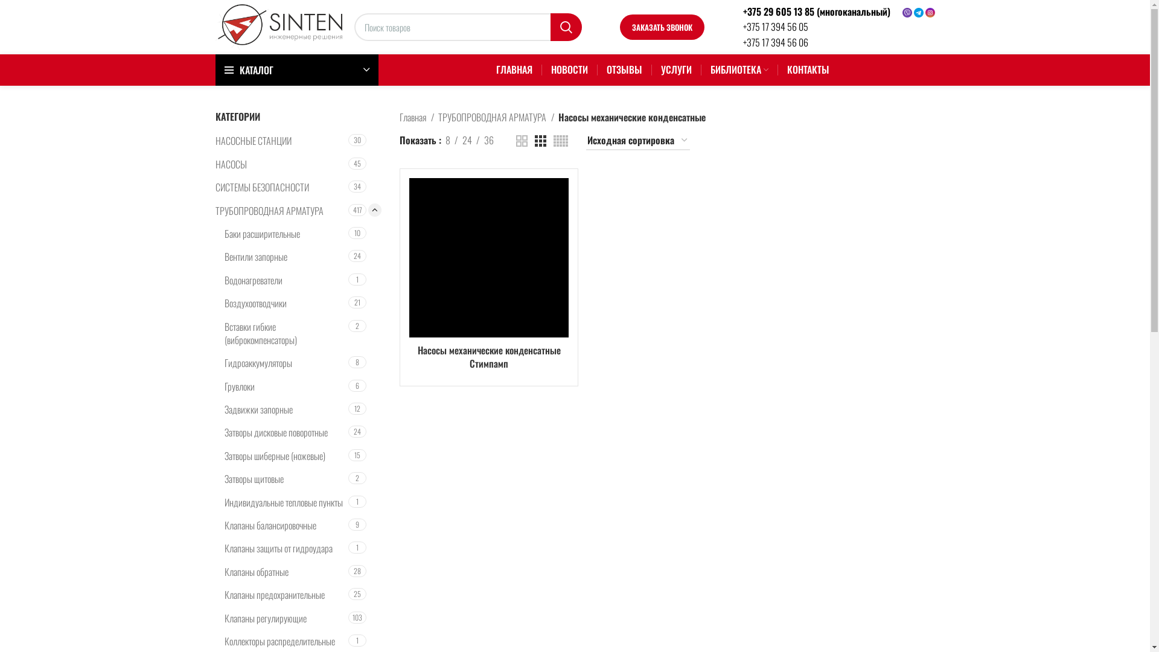 The height and width of the screenshot is (652, 1159). I want to click on '8', so click(447, 139).